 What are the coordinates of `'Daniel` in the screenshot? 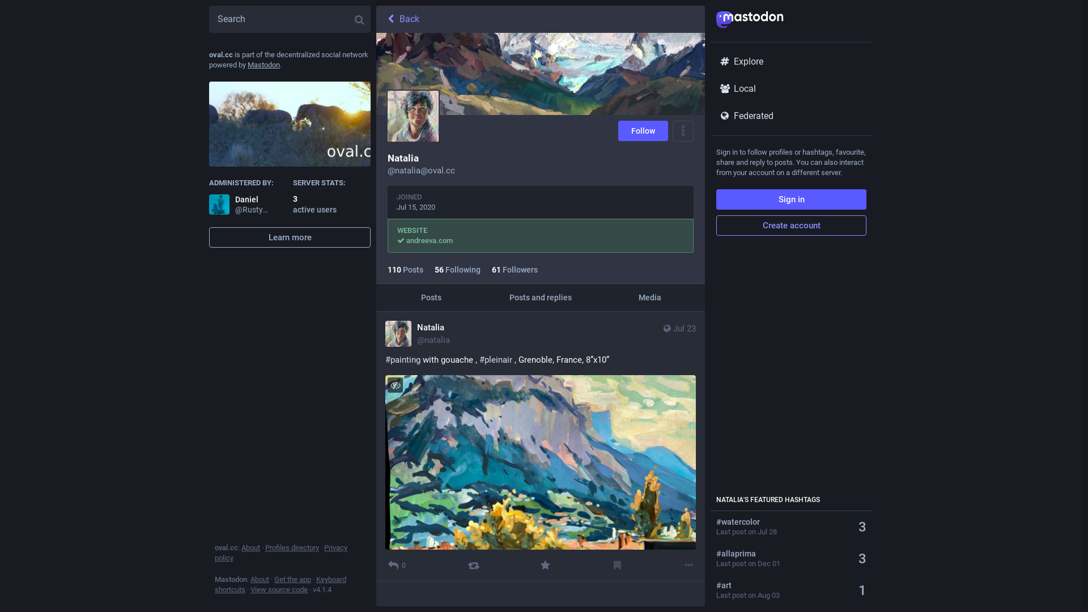 It's located at (239, 205).